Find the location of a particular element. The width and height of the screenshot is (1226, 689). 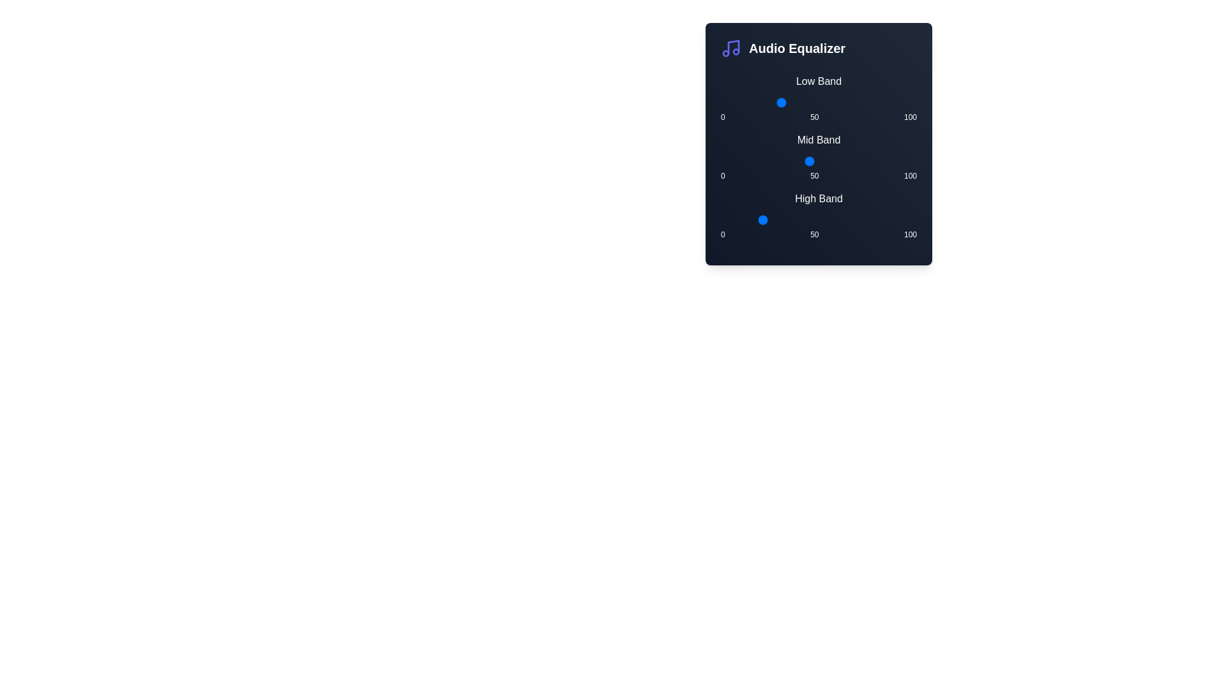

the High Band slider to 51 is located at coordinates (821, 219).